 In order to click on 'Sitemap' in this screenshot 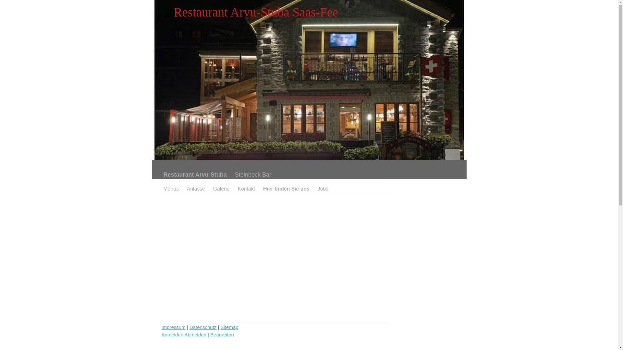, I will do `click(229, 327)`.